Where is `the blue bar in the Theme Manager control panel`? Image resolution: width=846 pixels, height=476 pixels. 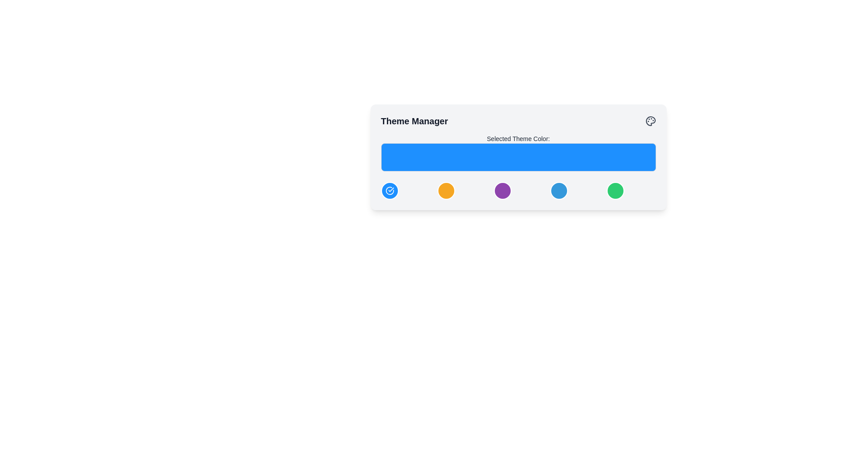 the blue bar in the Theme Manager control panel is located at coordinates (518, 157).